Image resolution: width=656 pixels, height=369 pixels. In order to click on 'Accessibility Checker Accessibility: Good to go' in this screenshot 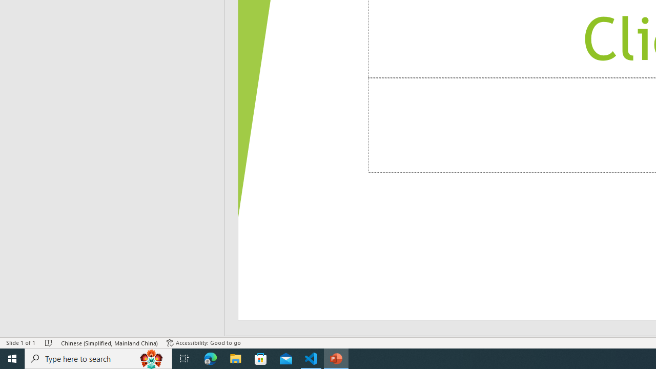, I will do `click(203, 343)`.